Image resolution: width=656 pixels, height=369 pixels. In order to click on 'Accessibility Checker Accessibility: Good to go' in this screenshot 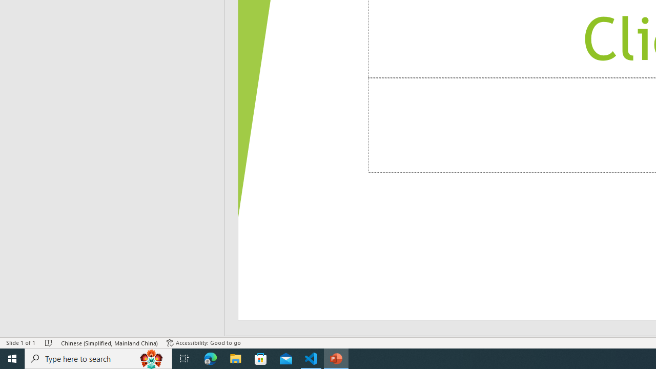, I will do `click(203, 343)`.